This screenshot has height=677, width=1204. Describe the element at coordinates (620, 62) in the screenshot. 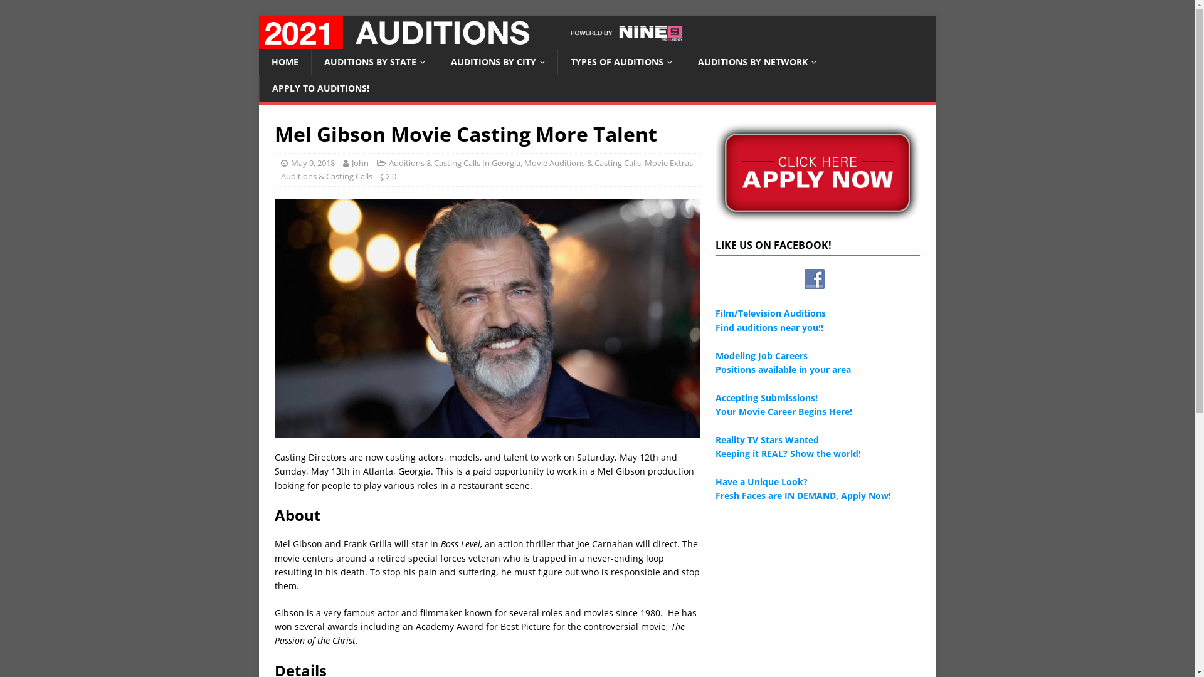

I see `'TYPES OF AUDITIONS'` at that location.